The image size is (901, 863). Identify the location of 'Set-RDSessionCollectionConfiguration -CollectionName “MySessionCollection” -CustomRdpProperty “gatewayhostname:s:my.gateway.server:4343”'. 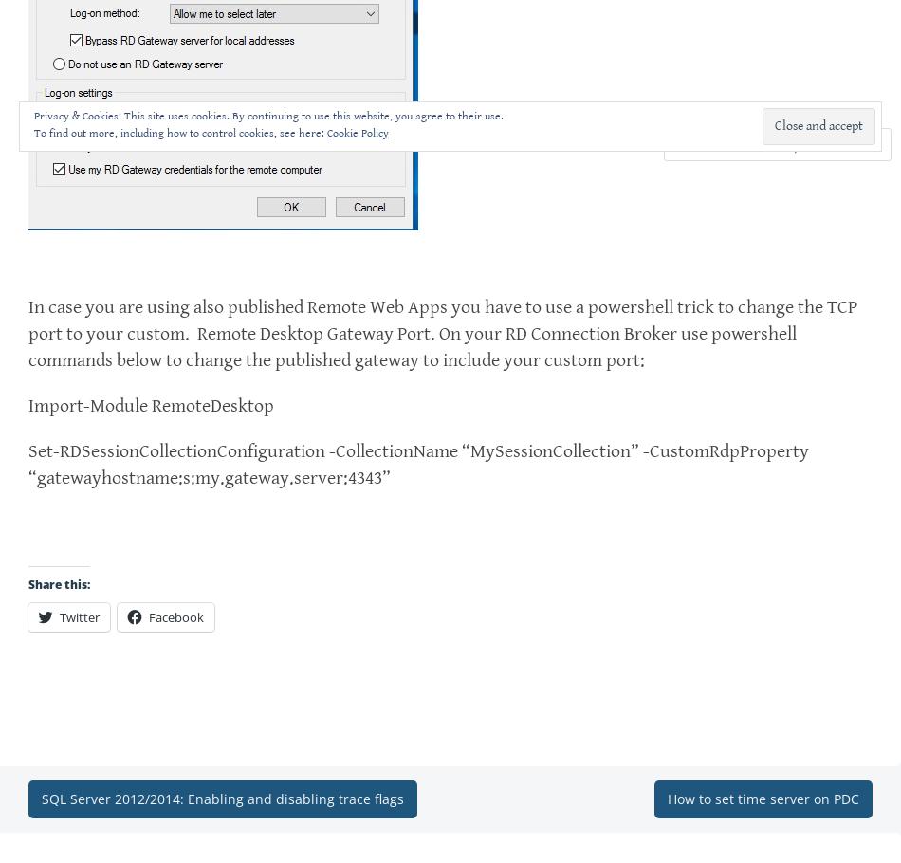
(28, 465).